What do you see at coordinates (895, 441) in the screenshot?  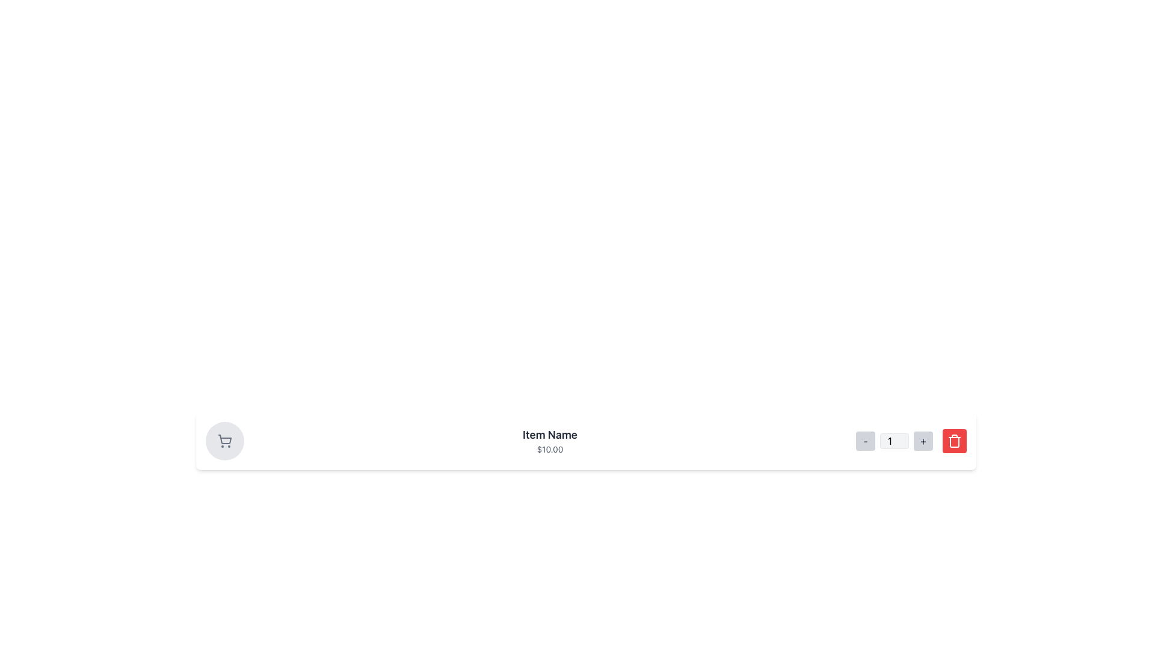 I see `the Number Input box with a light gray background and the numerical value '1'` at bounding box center [895, 441].